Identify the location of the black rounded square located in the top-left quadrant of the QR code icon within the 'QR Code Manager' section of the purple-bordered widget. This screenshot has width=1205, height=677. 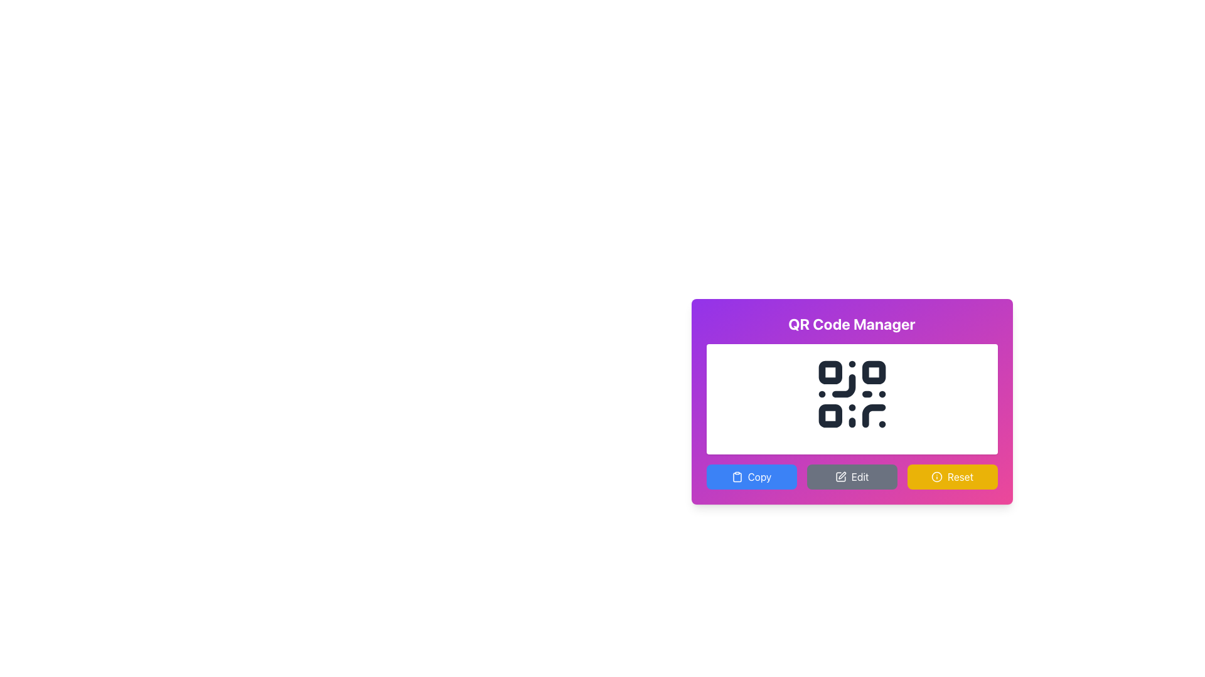
(830, 372).